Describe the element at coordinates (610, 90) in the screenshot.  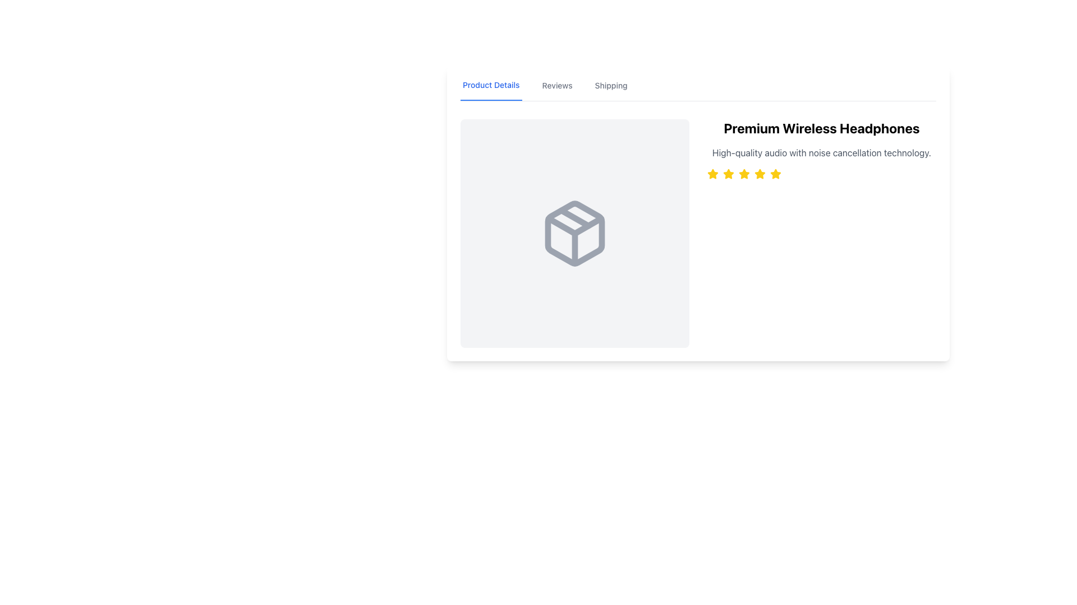
I see `the 'Shipping' navigation link located at the top-center of the interface to change its color` at that location.